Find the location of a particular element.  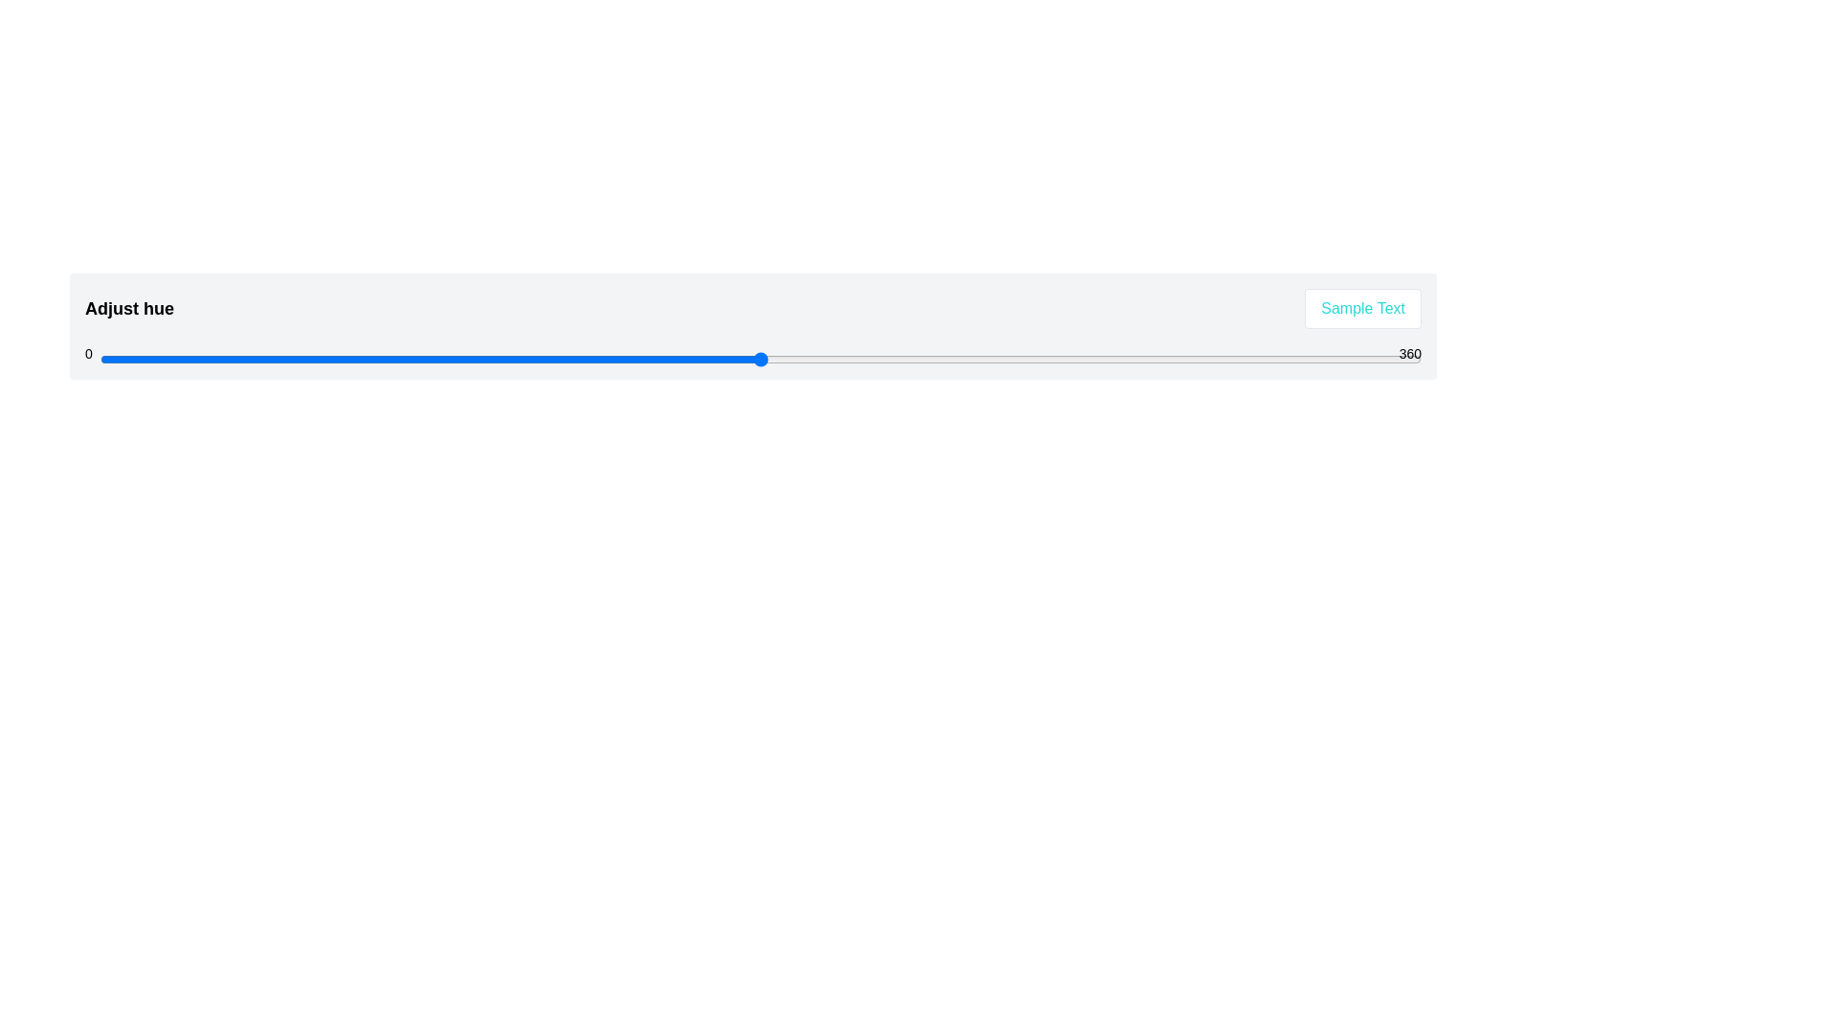

the hue slider to set the hue value to 21 is located at coordinates (177, 359).